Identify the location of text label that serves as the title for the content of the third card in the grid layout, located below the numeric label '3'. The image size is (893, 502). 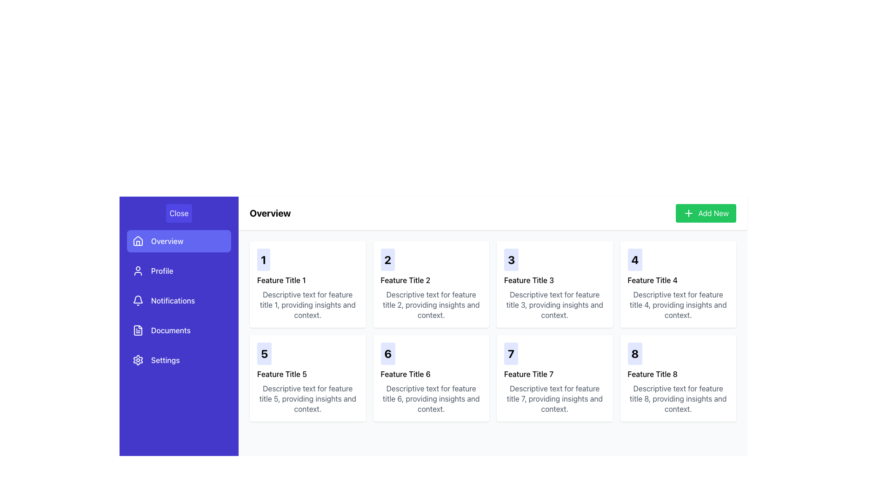
(529, 279).